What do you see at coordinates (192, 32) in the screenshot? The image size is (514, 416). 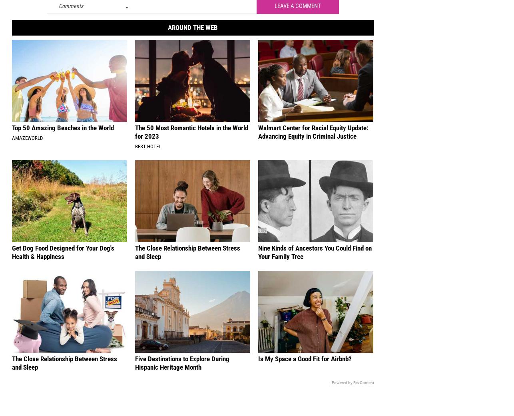 I see `'Around The Web'` at bounding box center [192, 32].